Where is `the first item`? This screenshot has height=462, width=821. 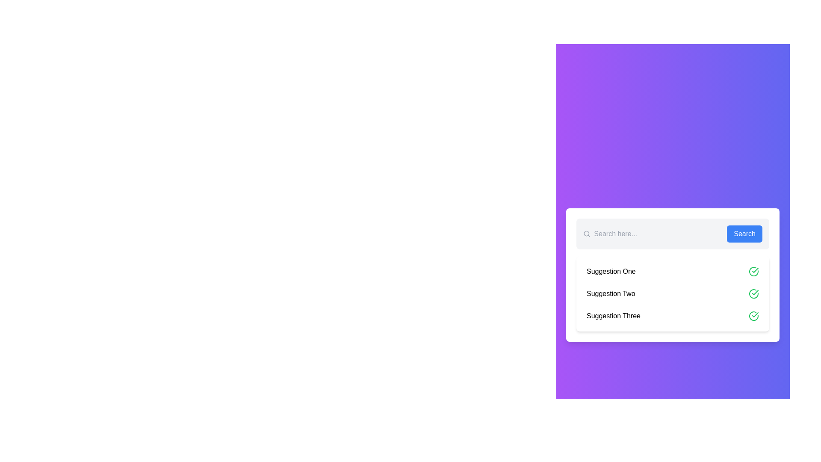
the first item is located at coordinates (672, 272).